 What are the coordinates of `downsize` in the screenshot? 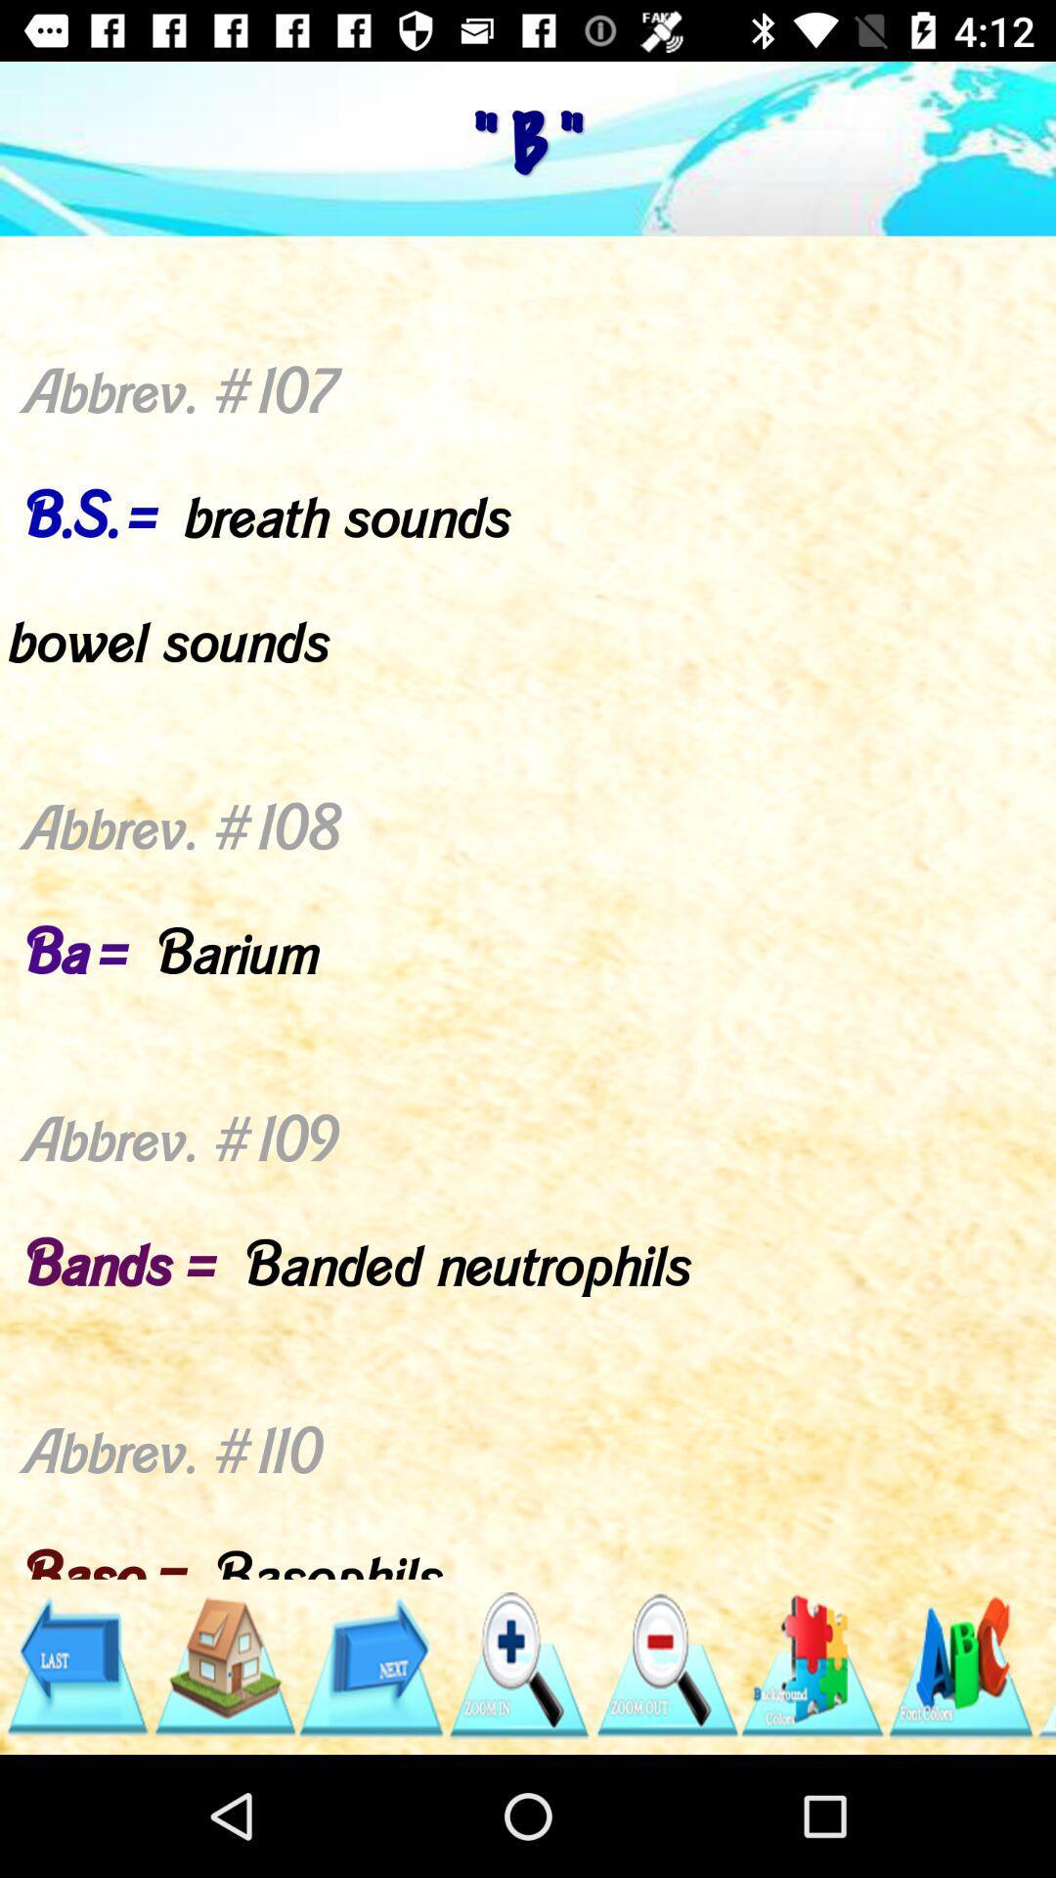 It's located at (665, 1665).